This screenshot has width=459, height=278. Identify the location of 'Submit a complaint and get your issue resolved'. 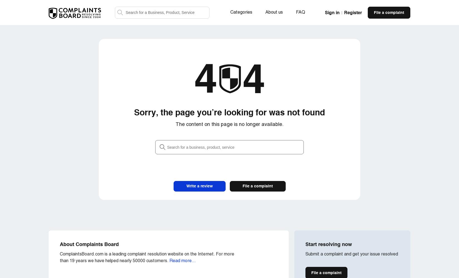
(351, 254).